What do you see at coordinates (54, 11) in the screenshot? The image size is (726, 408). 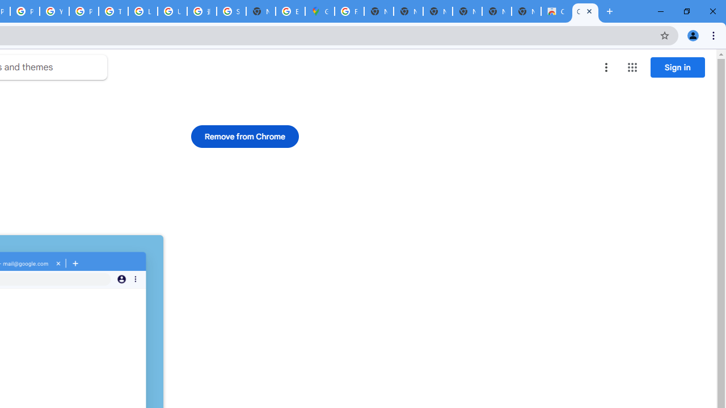 I see `'YouTube'` at bounding box center [54, 11].